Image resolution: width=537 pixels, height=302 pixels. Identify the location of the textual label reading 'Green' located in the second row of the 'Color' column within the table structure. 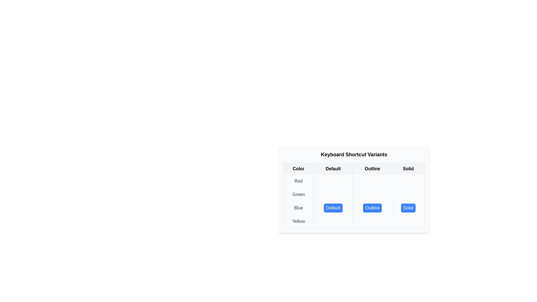
(298, 194).